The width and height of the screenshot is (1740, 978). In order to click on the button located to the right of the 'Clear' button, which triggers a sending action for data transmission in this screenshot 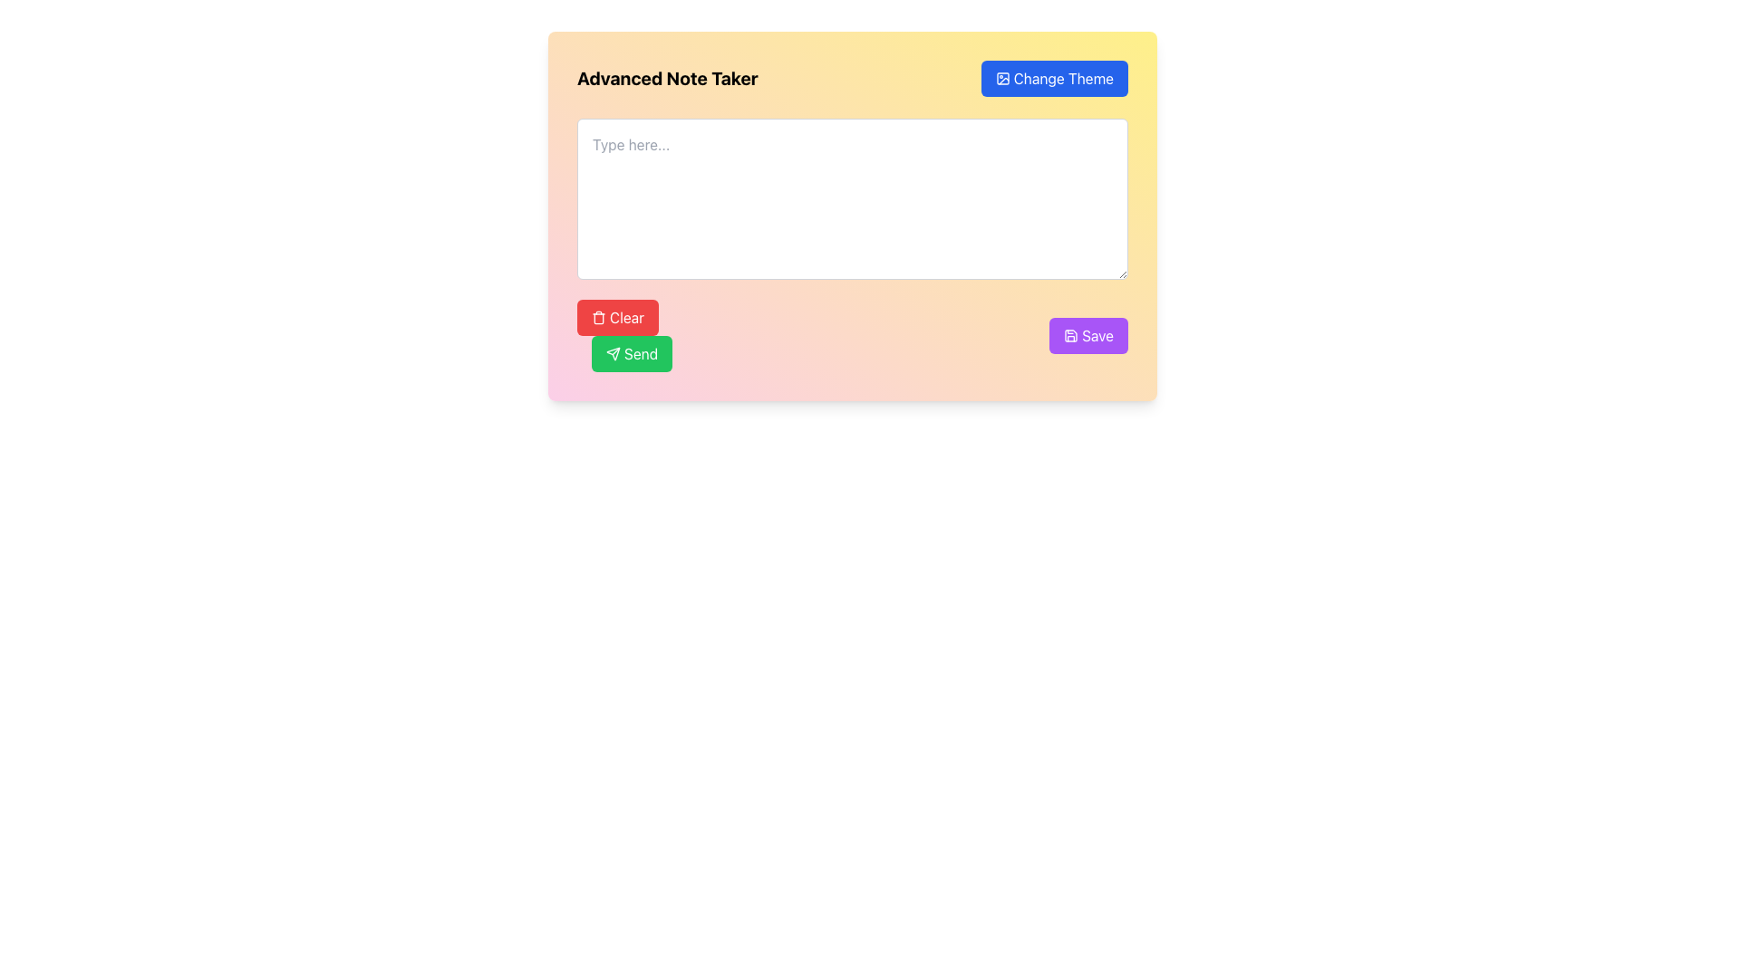, I will do `click(632, 353)`.